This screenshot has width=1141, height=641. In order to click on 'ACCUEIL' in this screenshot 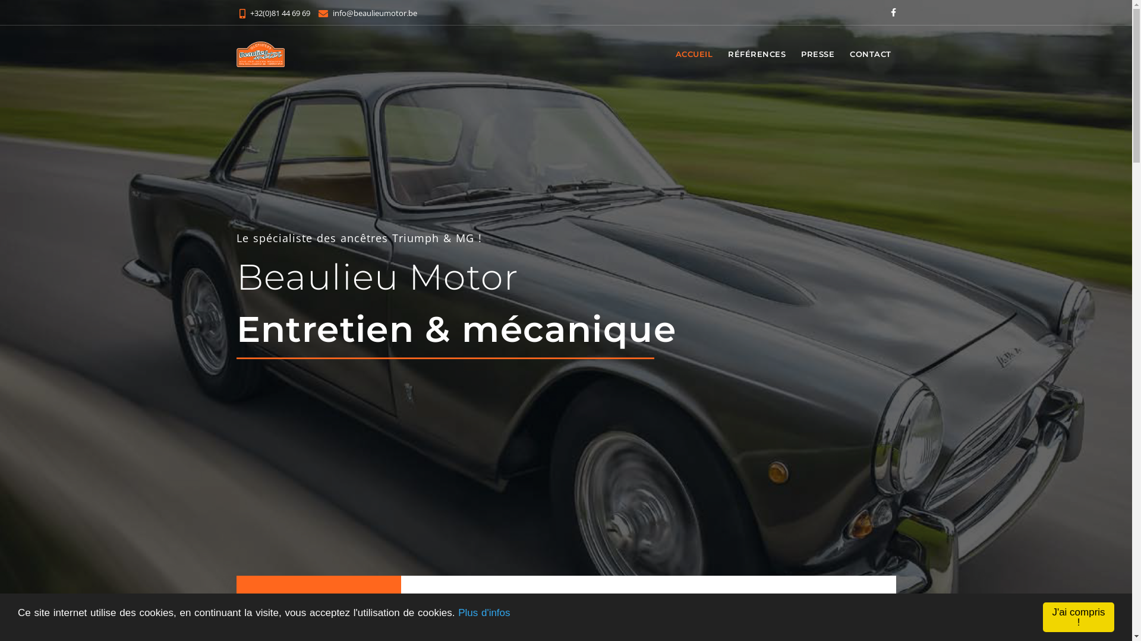, I will do `click(694, 54)`.